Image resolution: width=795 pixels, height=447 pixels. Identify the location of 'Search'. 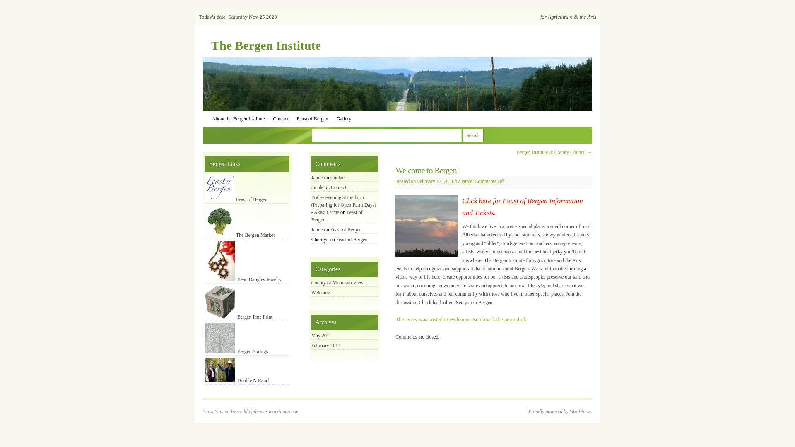
(463, 135).